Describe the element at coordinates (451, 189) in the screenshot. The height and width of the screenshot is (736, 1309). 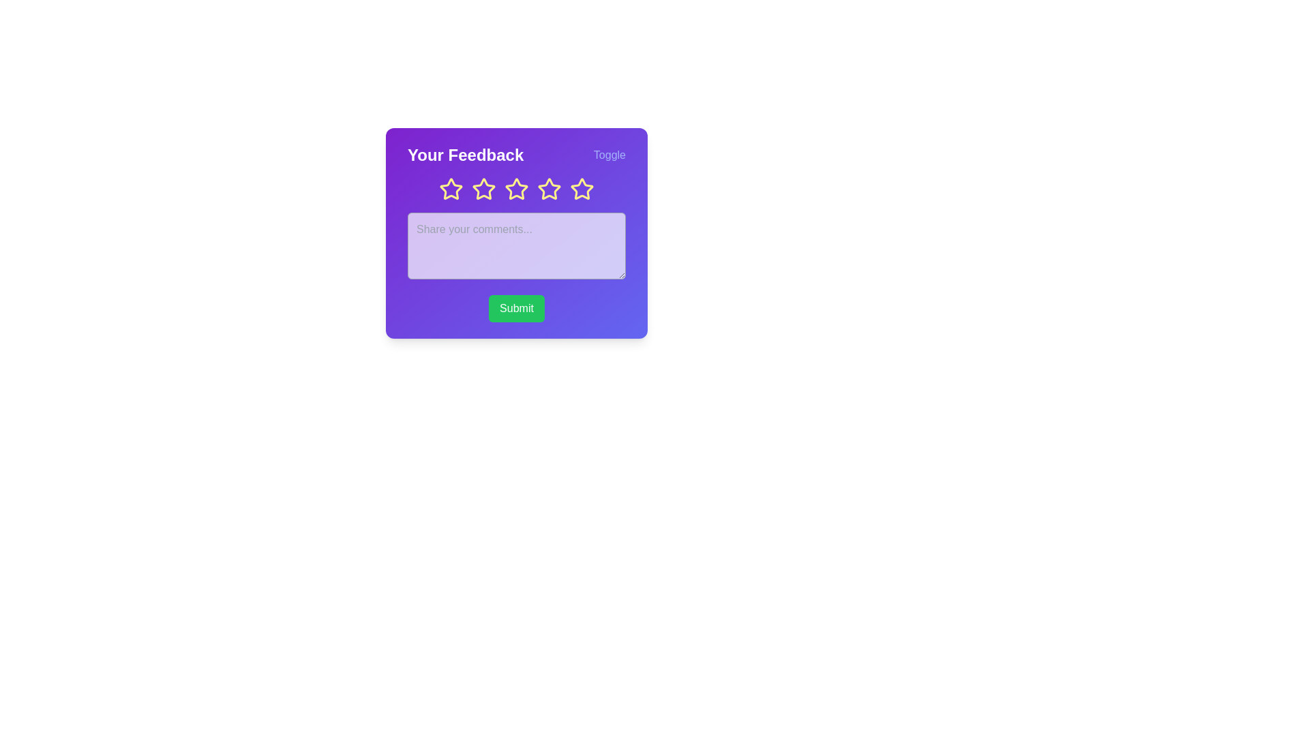
I see `the first star icon in the row of rating stars` at that location.